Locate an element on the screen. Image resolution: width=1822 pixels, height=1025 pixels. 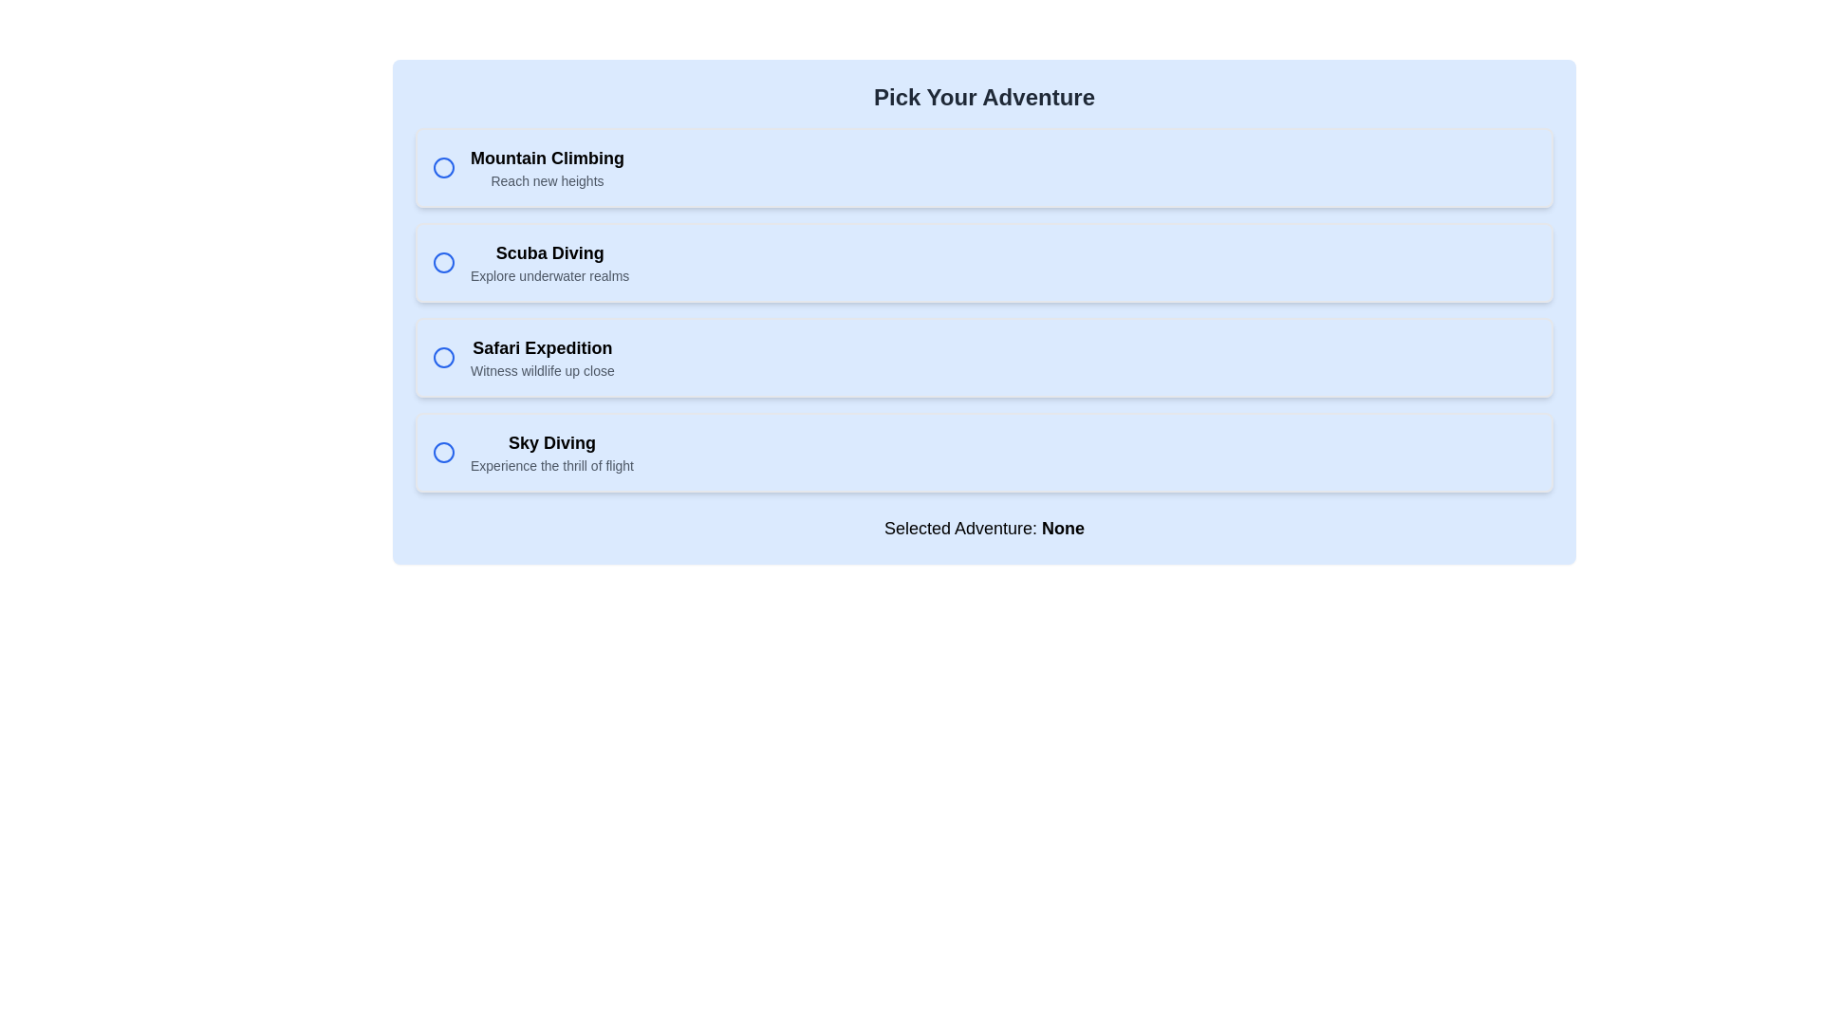
the text label displaying the phrase 'Reach new heights', which is aligned to the left beneath the bold text 'Mountain Climbing' is located at coordinates (546, 181).